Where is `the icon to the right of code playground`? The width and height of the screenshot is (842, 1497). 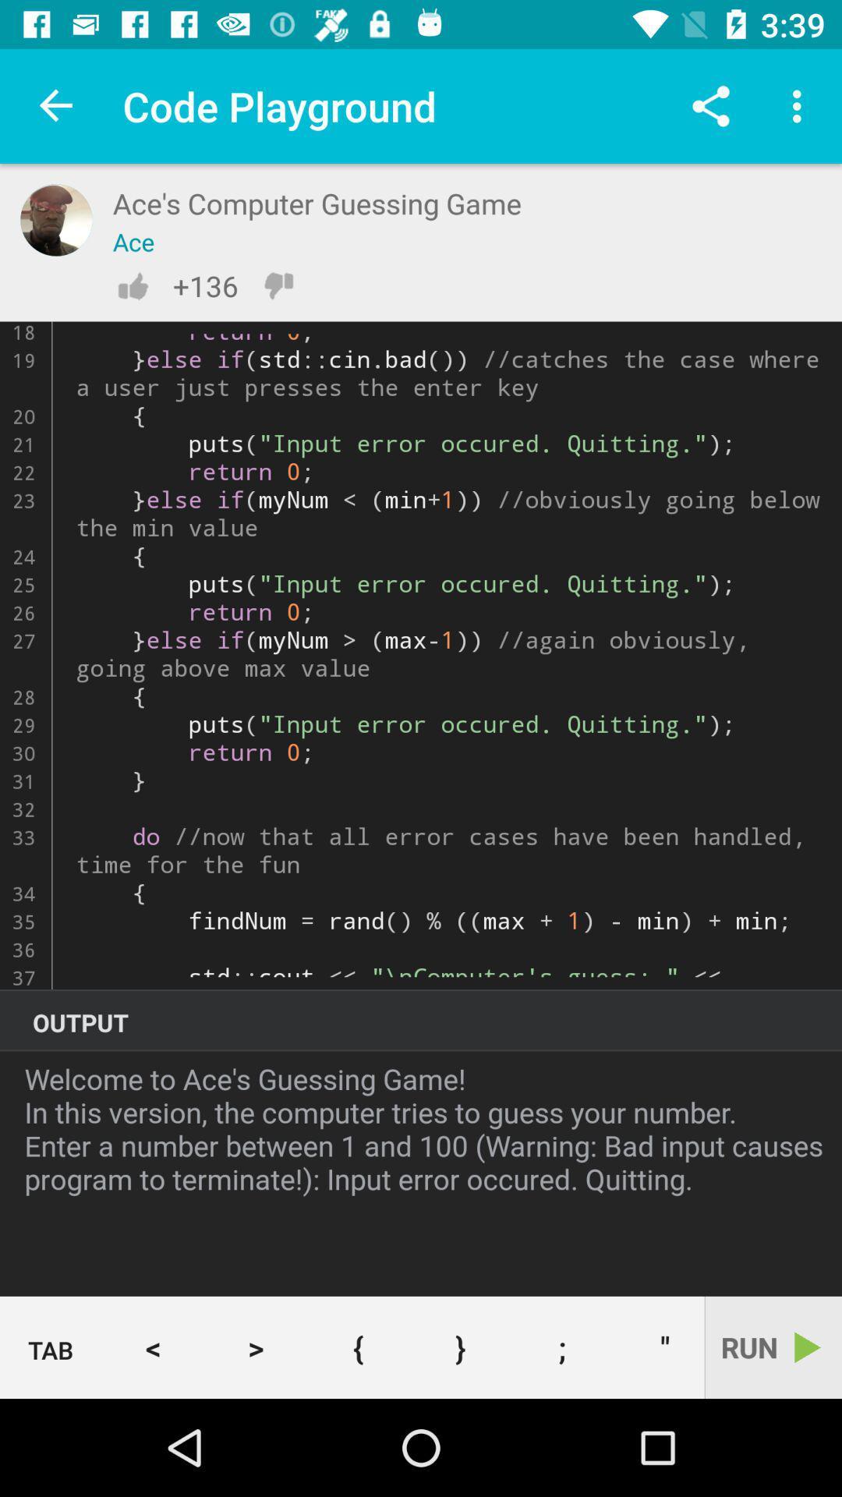 the icon to the right of code playground is located at coordinates (710, 105).